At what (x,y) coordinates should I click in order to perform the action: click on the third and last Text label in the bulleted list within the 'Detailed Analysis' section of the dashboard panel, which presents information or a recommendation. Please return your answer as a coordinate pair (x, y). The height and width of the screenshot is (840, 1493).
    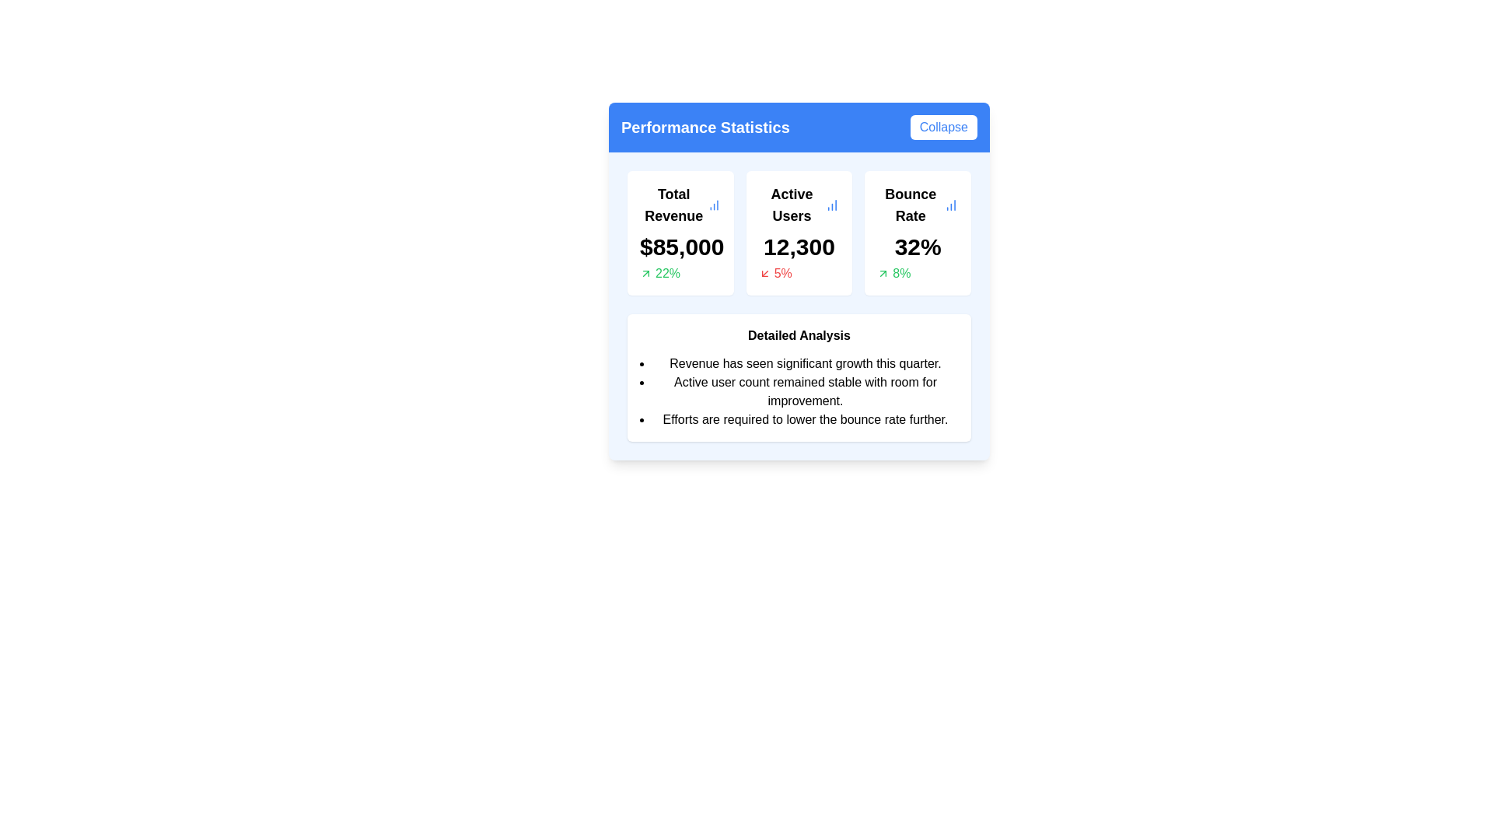
    Looking at the image, I should click on (806, 420).